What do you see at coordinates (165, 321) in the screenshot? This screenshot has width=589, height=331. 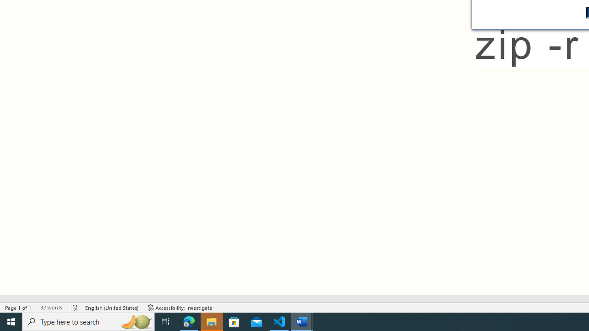 I see `'Task View'` at bounding box center [165, 321].